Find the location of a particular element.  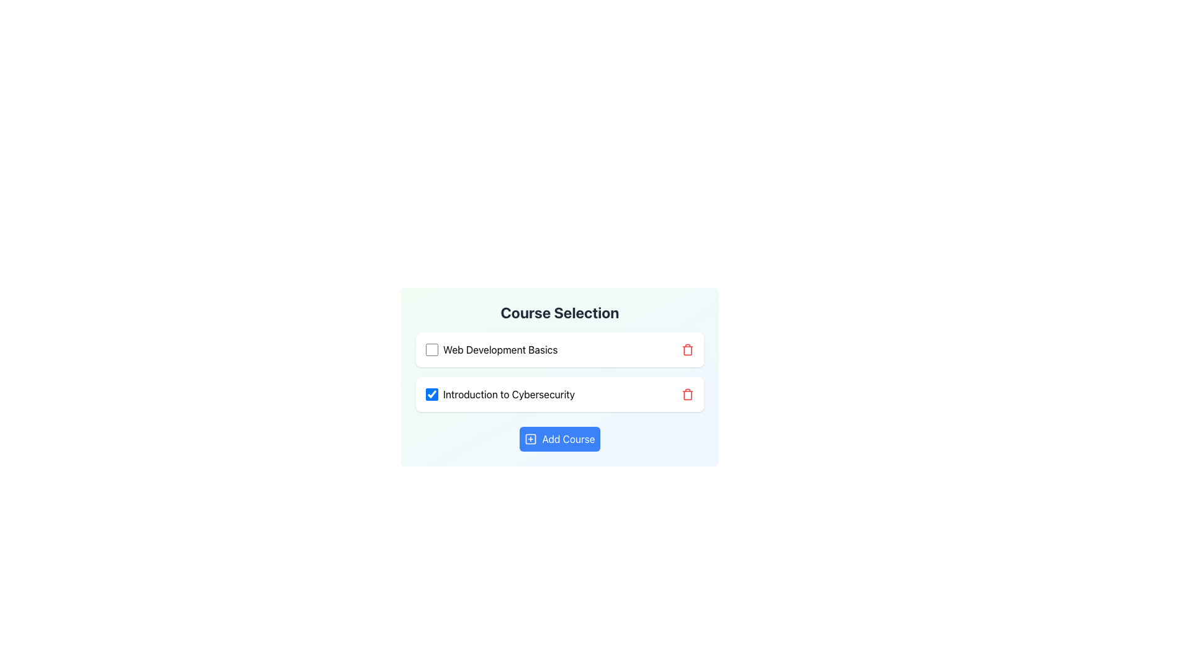

the centered blue button labeled 'Add Course' with a plus-sign icon, located at the bottom section of the 'Course Selection' card interface is located at coordinates (559, 439).